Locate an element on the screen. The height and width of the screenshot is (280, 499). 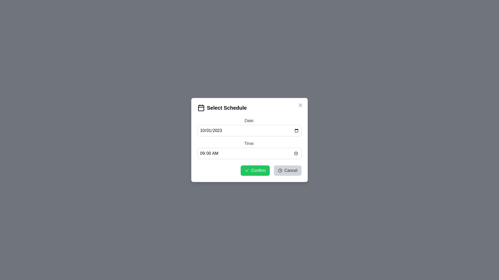
'Cancel' button to close the dialog is located at coordinates (287, 171).